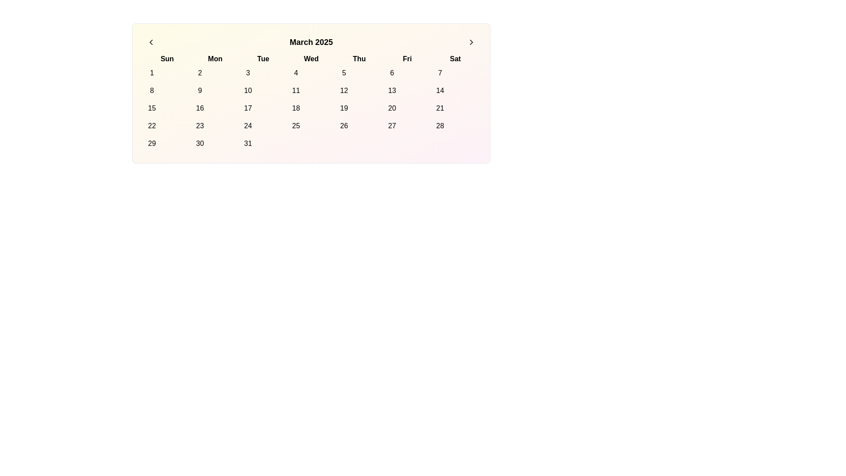 The width and height of the screenshot is (846, 476). What do you see at coordinates (391, 72) in the screenshot?
I see `the round button labeled '6' in the top row of the calendar's numerical grid under the 'Fri' column` at bounding box center [391, 72].